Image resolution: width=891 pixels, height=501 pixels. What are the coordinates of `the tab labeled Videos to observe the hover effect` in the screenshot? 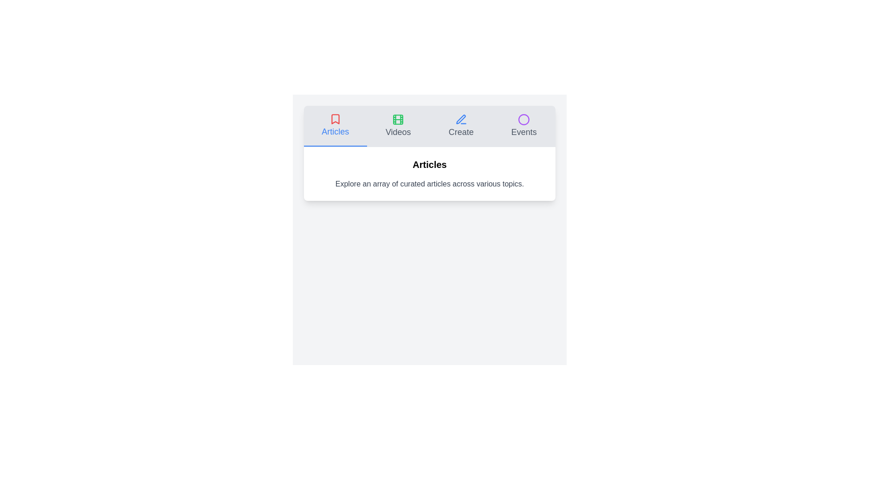 It's located at (398, 126).